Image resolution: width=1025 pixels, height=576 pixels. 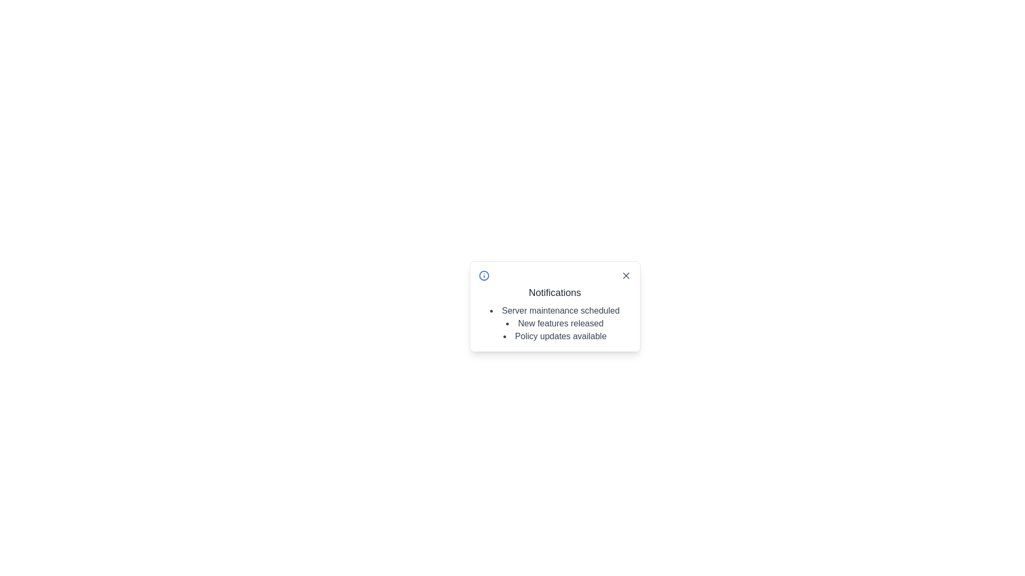 I want to click on the text 'Policy updates available' which is styled with a dark font and appears as the third item in a bulleted list within a notification box, so click(x=555, y=337).